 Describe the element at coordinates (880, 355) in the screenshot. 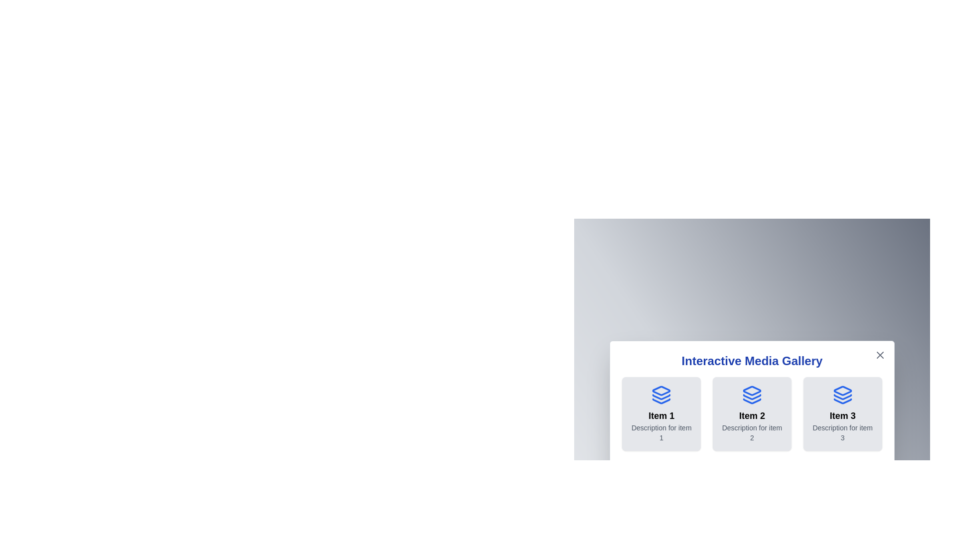

I see `the close button located at the top-right corner of the dialog` at that location.